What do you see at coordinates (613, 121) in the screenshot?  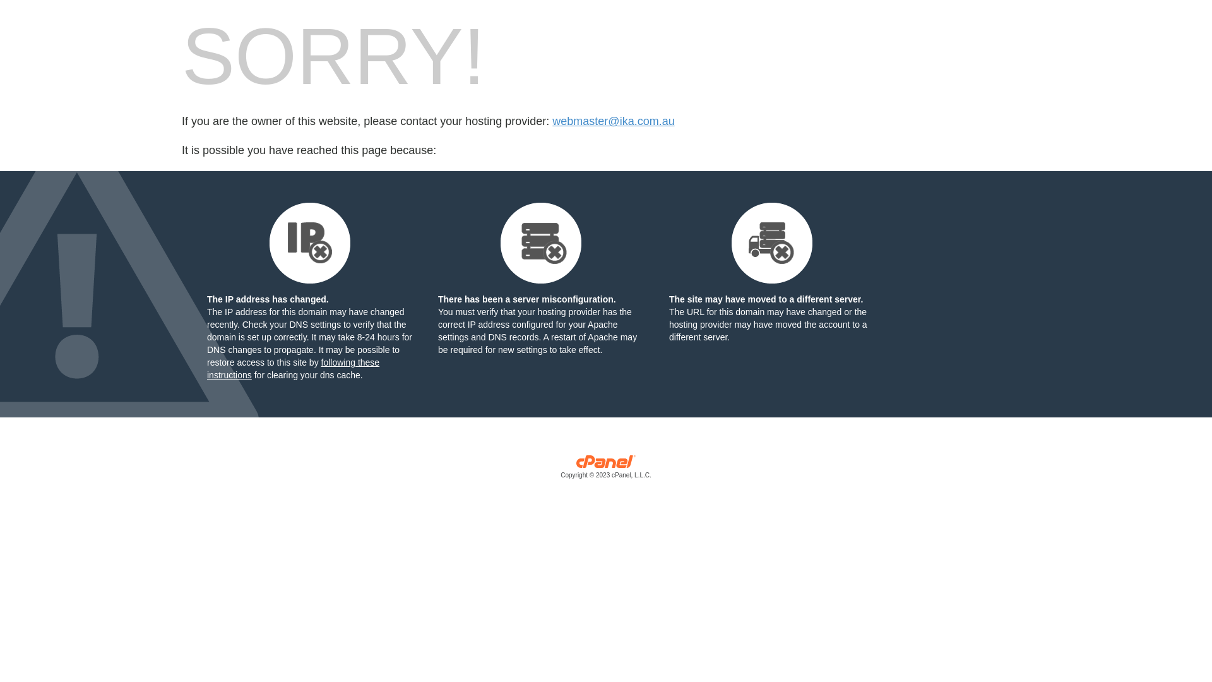 I see `'webmaster@ika.com.au'` at bounding box center [613, 121].